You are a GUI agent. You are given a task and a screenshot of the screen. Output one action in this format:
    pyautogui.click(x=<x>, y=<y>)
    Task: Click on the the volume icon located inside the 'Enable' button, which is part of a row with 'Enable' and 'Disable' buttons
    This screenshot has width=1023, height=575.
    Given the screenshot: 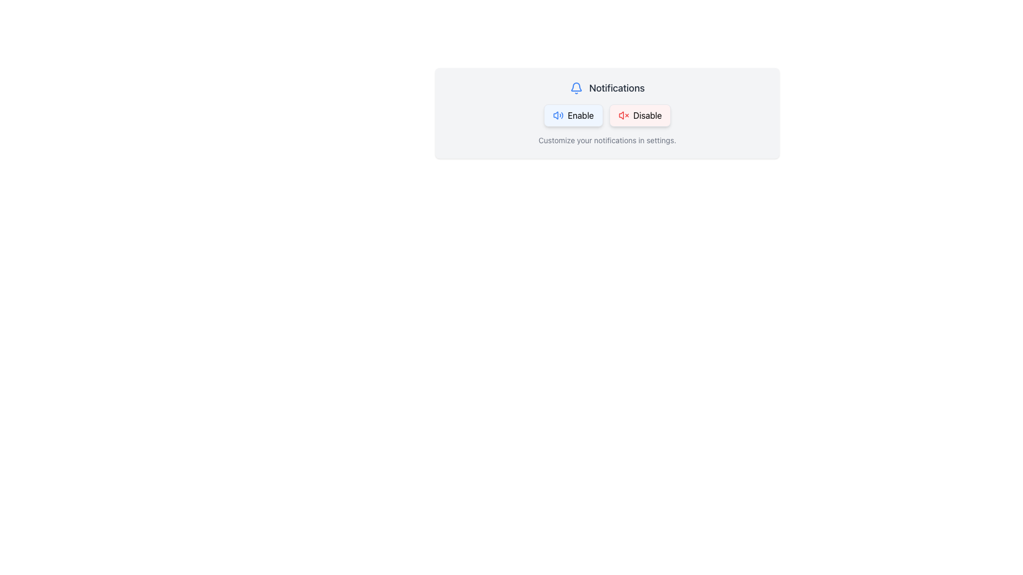 What is the action you would take?
    pyautogui.click(x=557, y=115)
    